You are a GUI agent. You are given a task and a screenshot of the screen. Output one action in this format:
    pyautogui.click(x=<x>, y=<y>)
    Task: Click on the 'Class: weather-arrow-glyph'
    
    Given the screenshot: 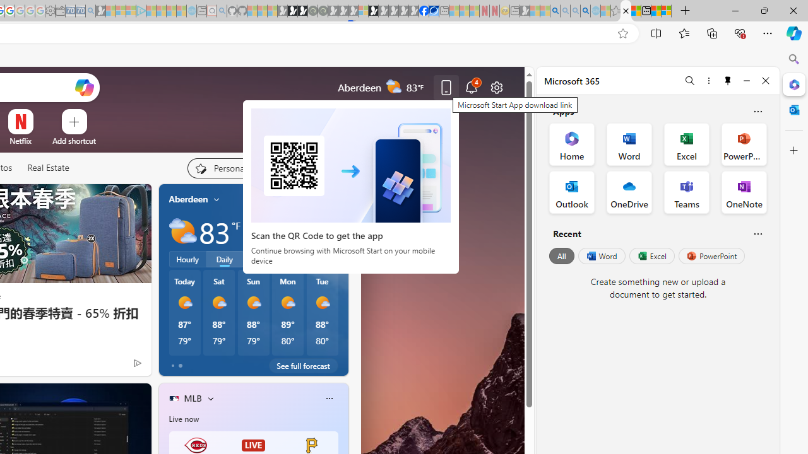 What is the action you would take?
    pyautogui.click(x=335, y=231)
    